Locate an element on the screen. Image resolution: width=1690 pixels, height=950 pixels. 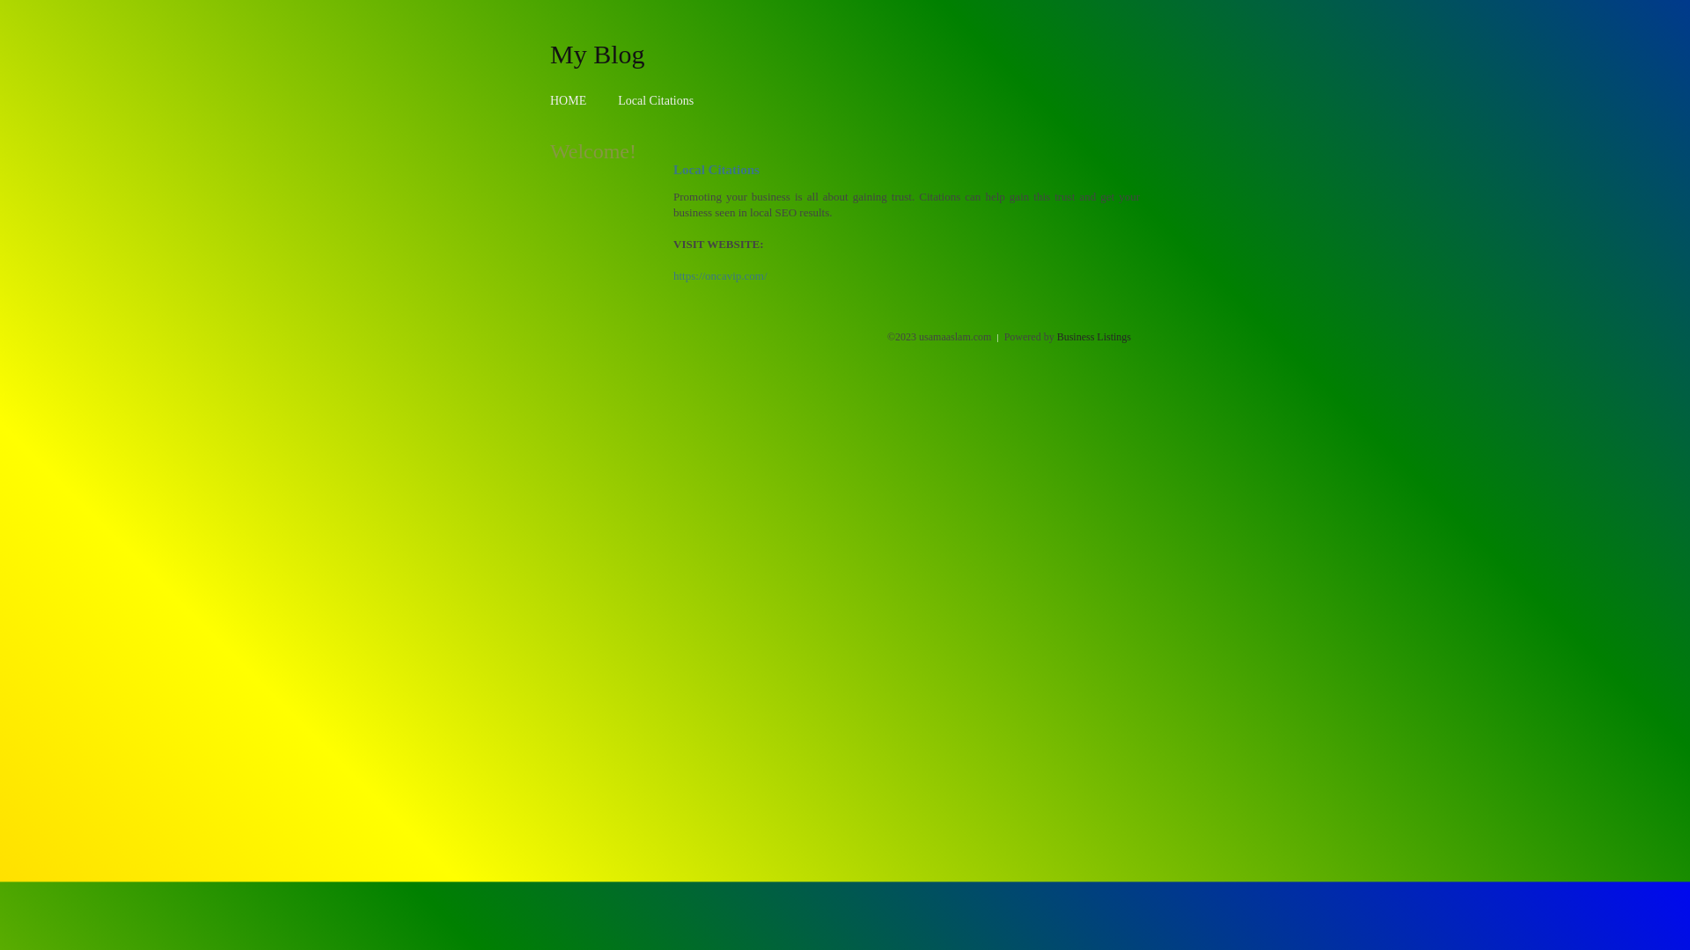
'HOME' is located at coordinates (568, 100).